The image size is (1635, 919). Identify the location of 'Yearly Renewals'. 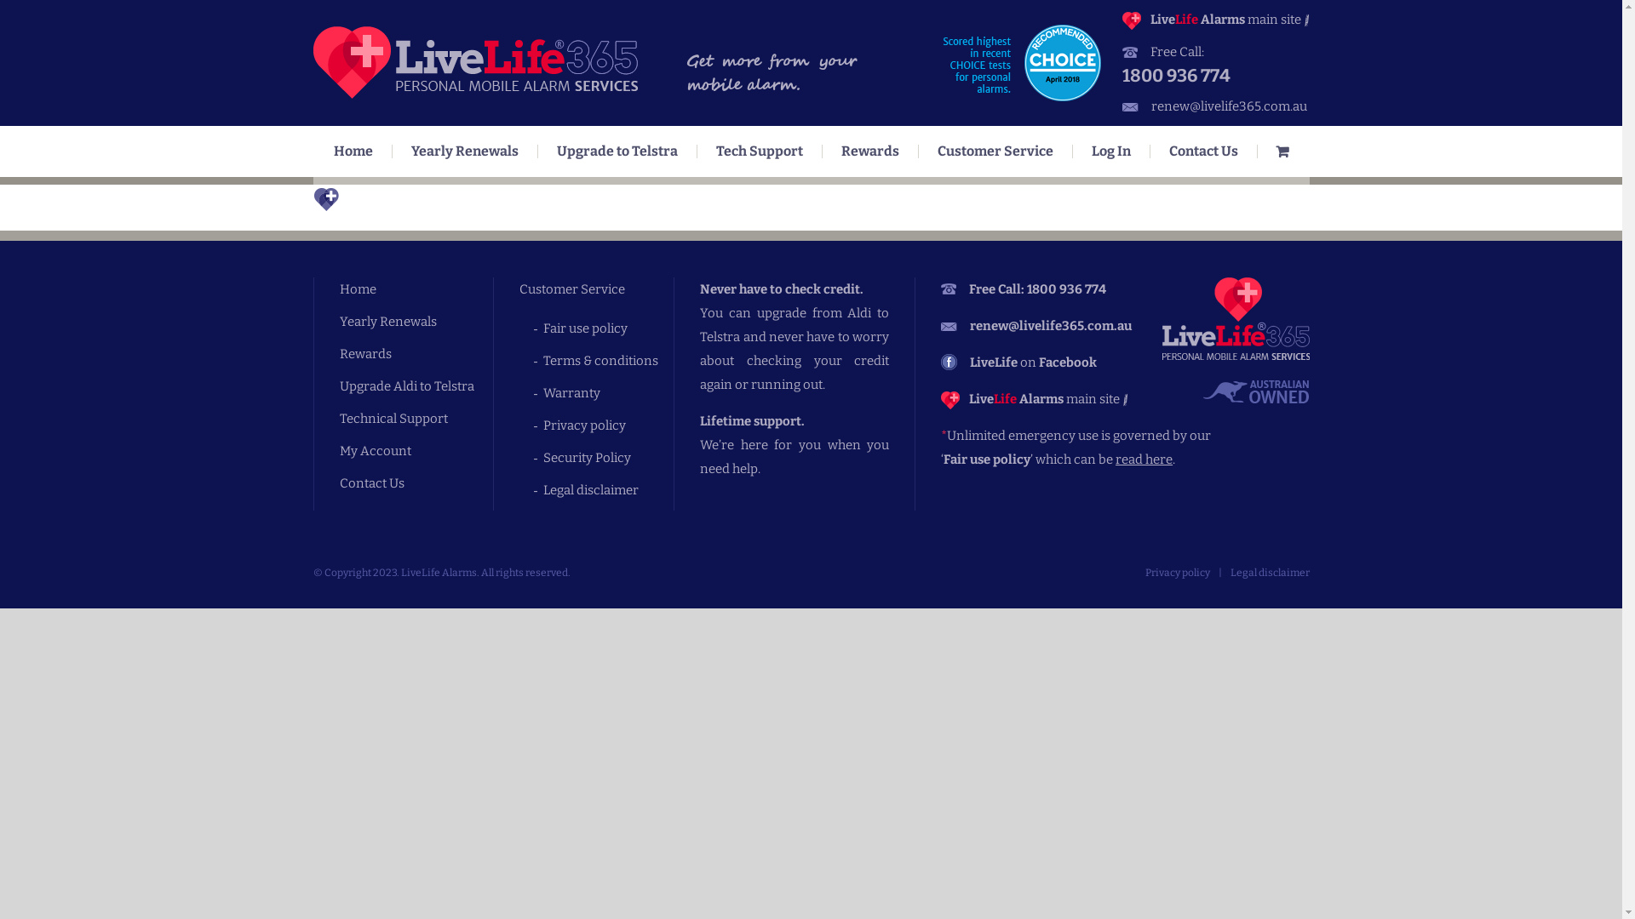
(464, 150).